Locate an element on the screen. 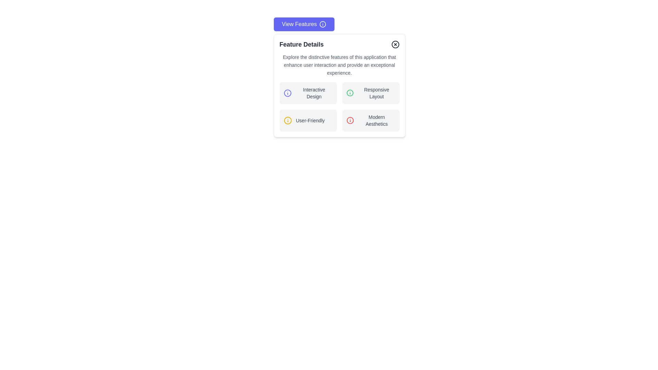  the close icon button, which is a circular outline containing an 'X' symbol, located in the top-right corner of the 'Feature Details' section is located at coordinates (395, 45).